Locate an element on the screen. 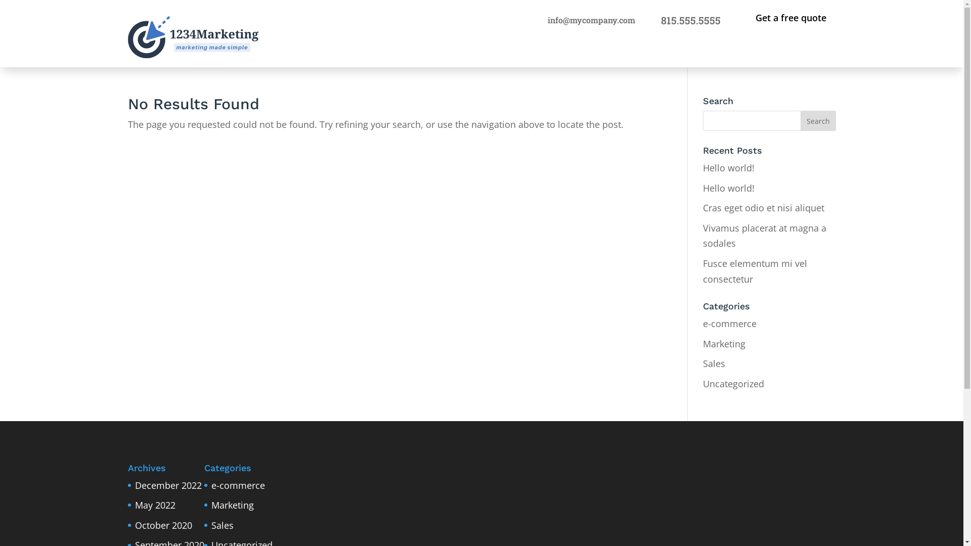 The width and height of the screenshot is (971, 546). 'May 2022' is located at coordinates (154, 505).